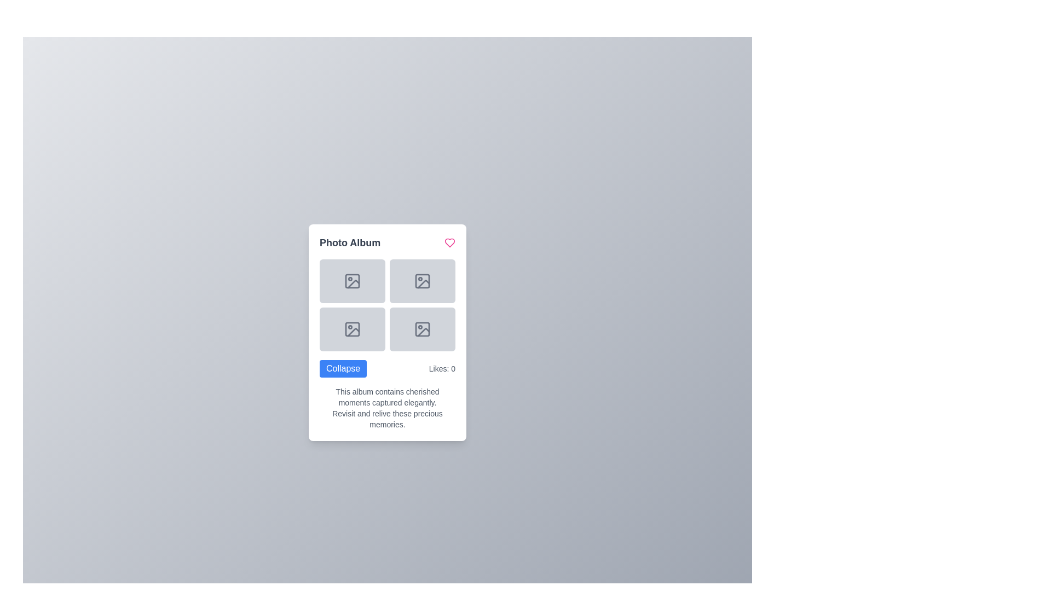 This screenshot has width=1051, height=591. Describe the element at coordinates (352, 328) in the screenshot. I see `the icon representing an image slot in the photo album` at that location.